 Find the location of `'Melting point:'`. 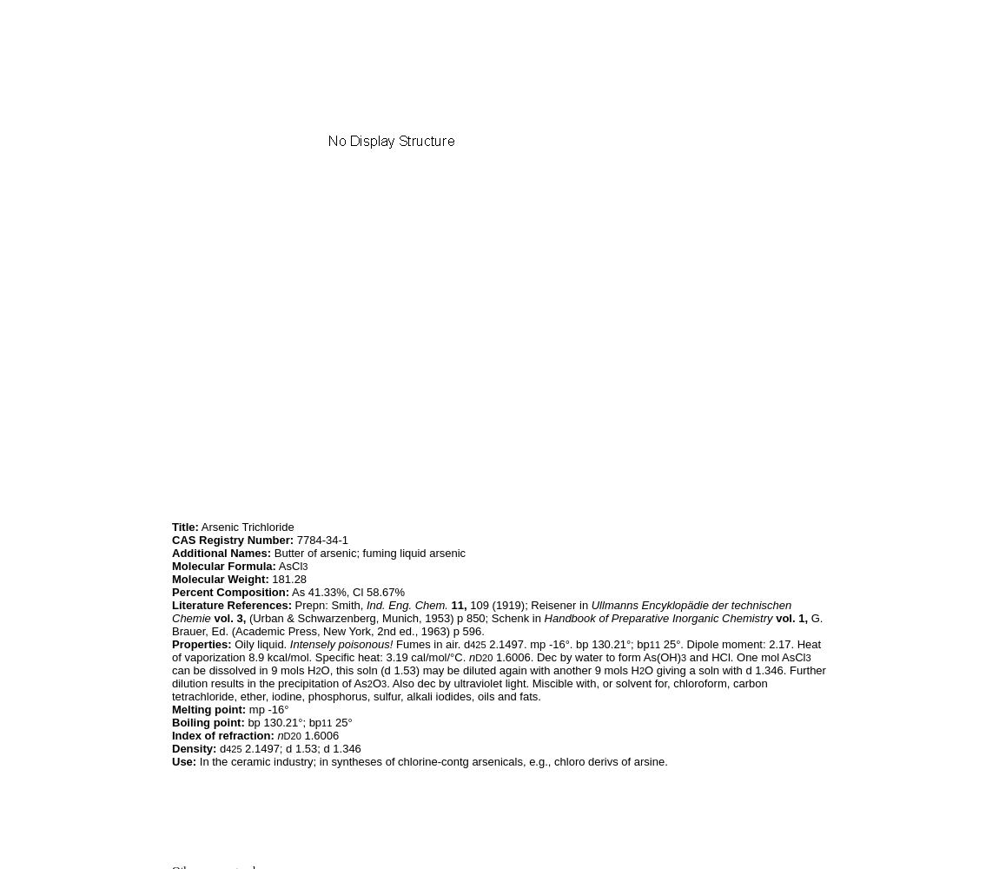

'Melting point:' is located at coordinates (208, 708).